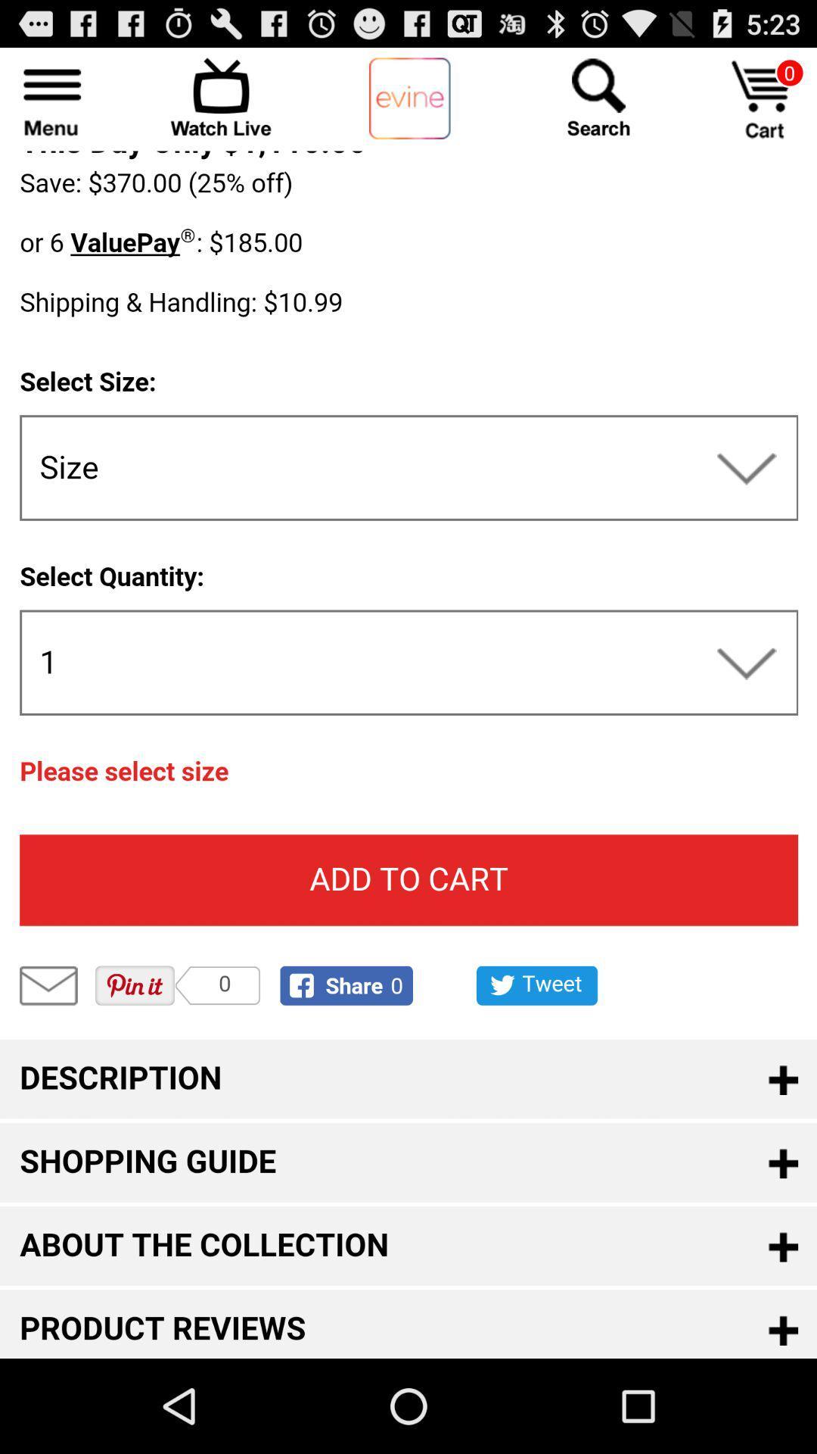  What do you see at coordinates (221, 96) in the screenshot?
I see `watch live tv` at bounding box center [221, 96].